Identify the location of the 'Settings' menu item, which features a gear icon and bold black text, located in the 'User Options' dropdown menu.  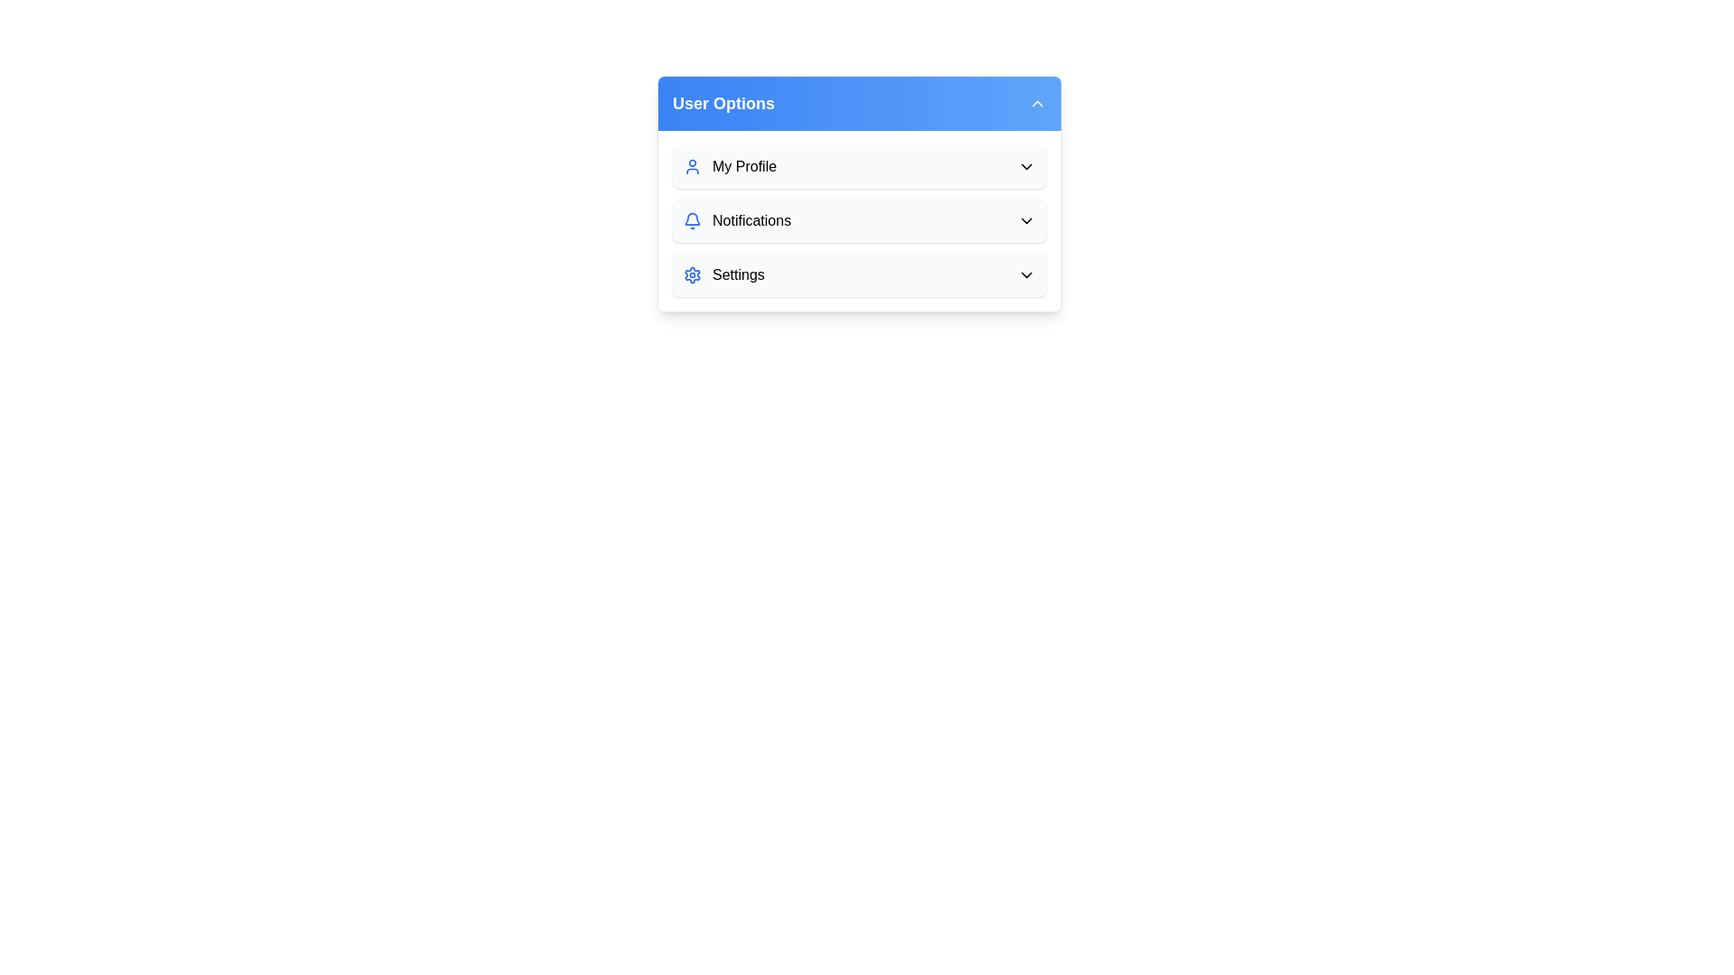
(723, 274).